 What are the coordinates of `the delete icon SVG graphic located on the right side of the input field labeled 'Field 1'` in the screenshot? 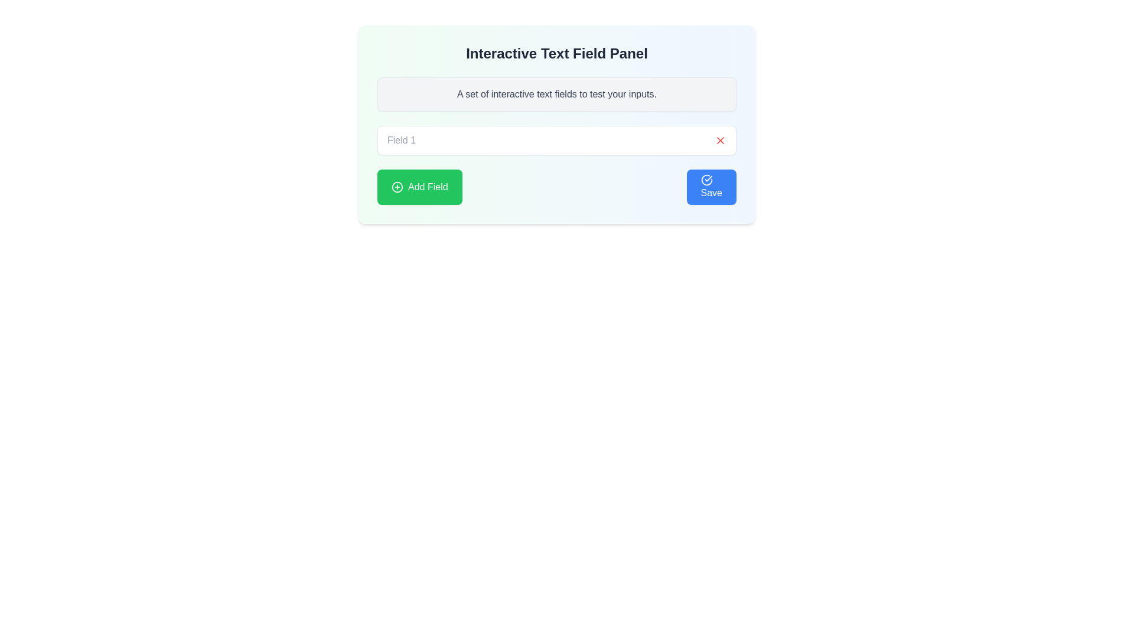 It's located at (719, 140).